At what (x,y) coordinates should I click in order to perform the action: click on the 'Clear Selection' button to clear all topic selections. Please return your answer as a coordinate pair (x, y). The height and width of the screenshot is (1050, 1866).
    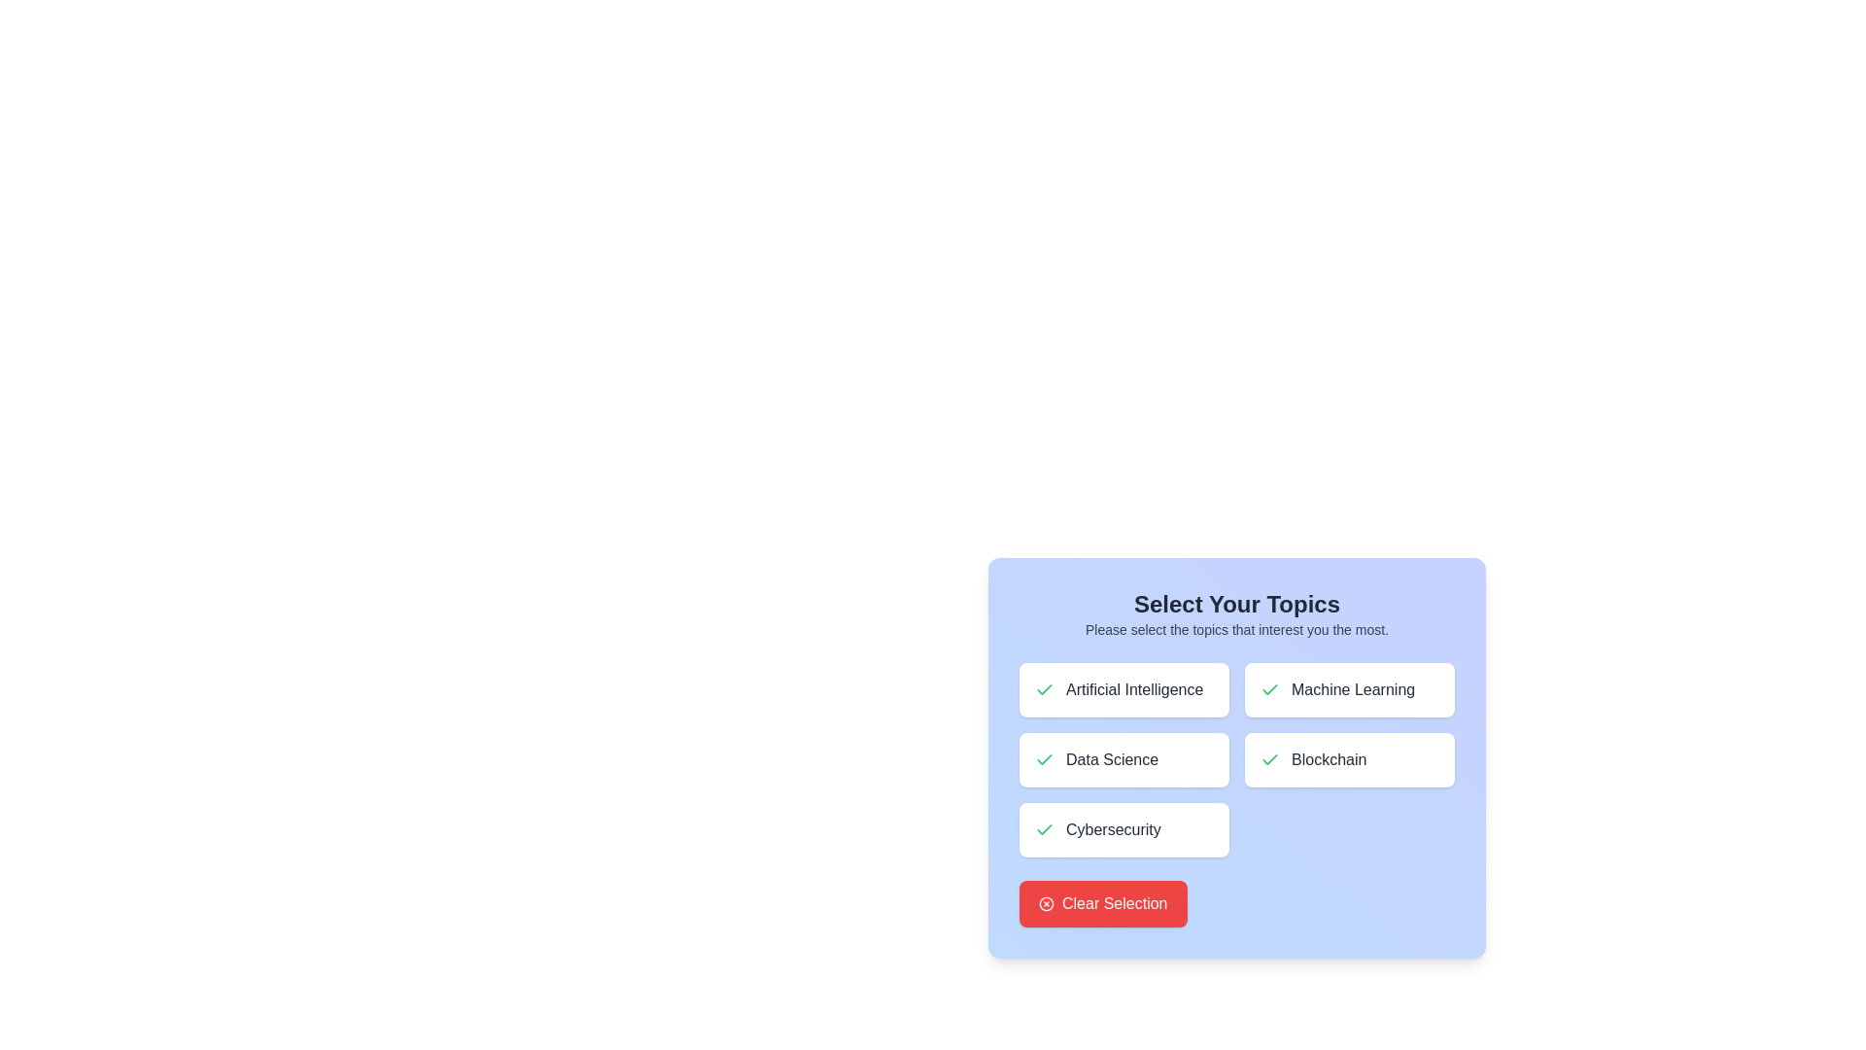
    Looking at the image, I should click on (1102, 903).